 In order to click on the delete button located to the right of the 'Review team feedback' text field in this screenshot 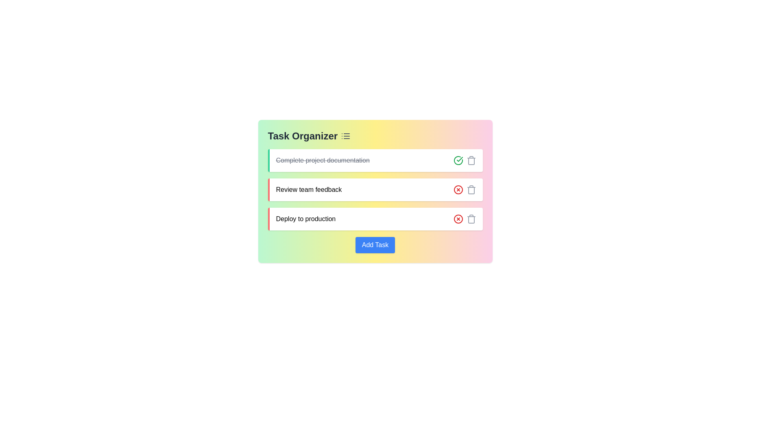, I will do `click(458, 189)`.